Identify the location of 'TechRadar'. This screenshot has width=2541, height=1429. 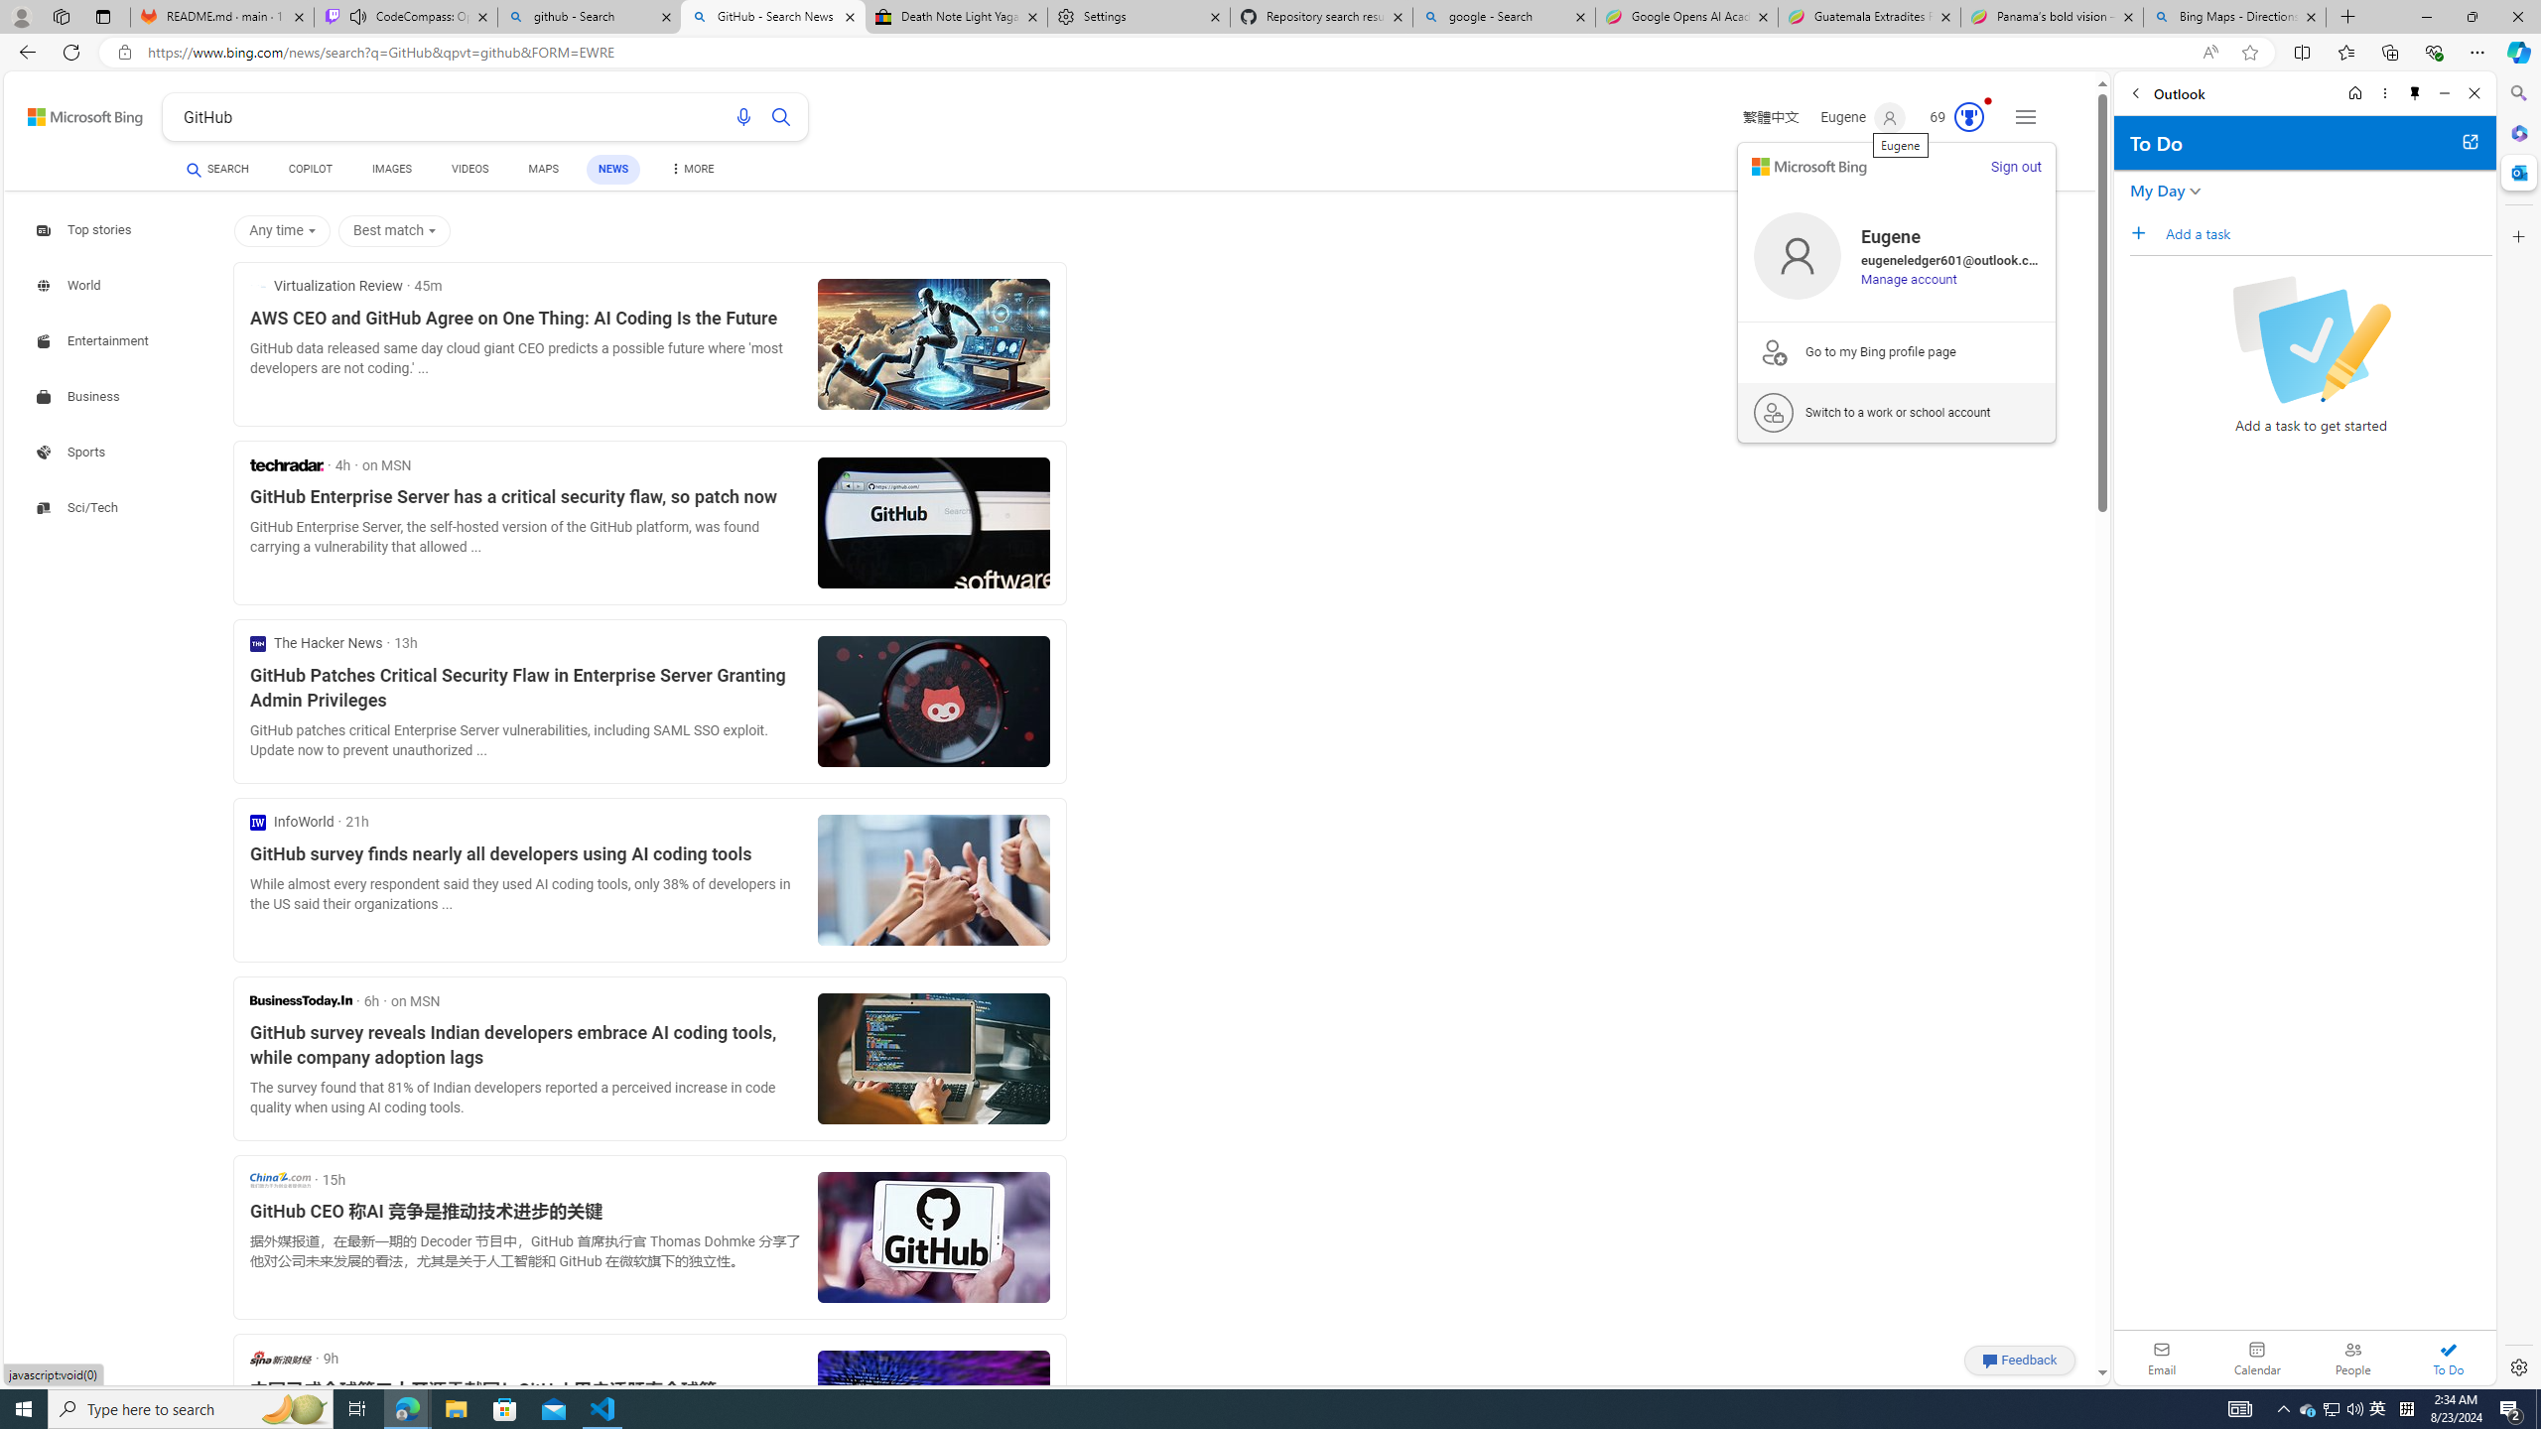
(286, 463).